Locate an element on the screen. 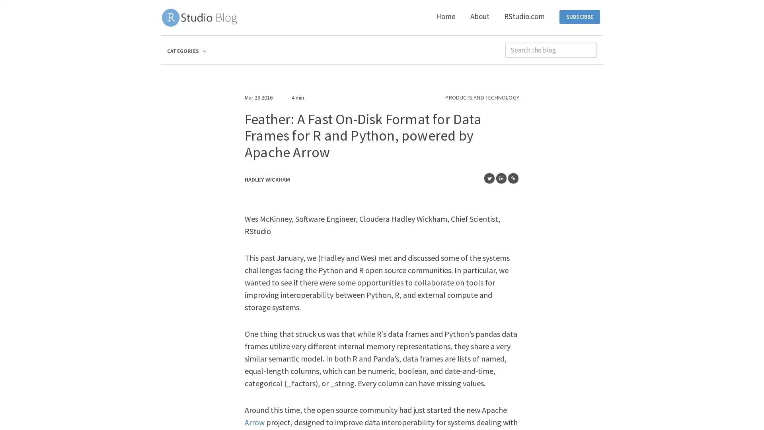 This screenshot has height=430, width=764. Share to Copy Link is located at coordinates (513, 178).